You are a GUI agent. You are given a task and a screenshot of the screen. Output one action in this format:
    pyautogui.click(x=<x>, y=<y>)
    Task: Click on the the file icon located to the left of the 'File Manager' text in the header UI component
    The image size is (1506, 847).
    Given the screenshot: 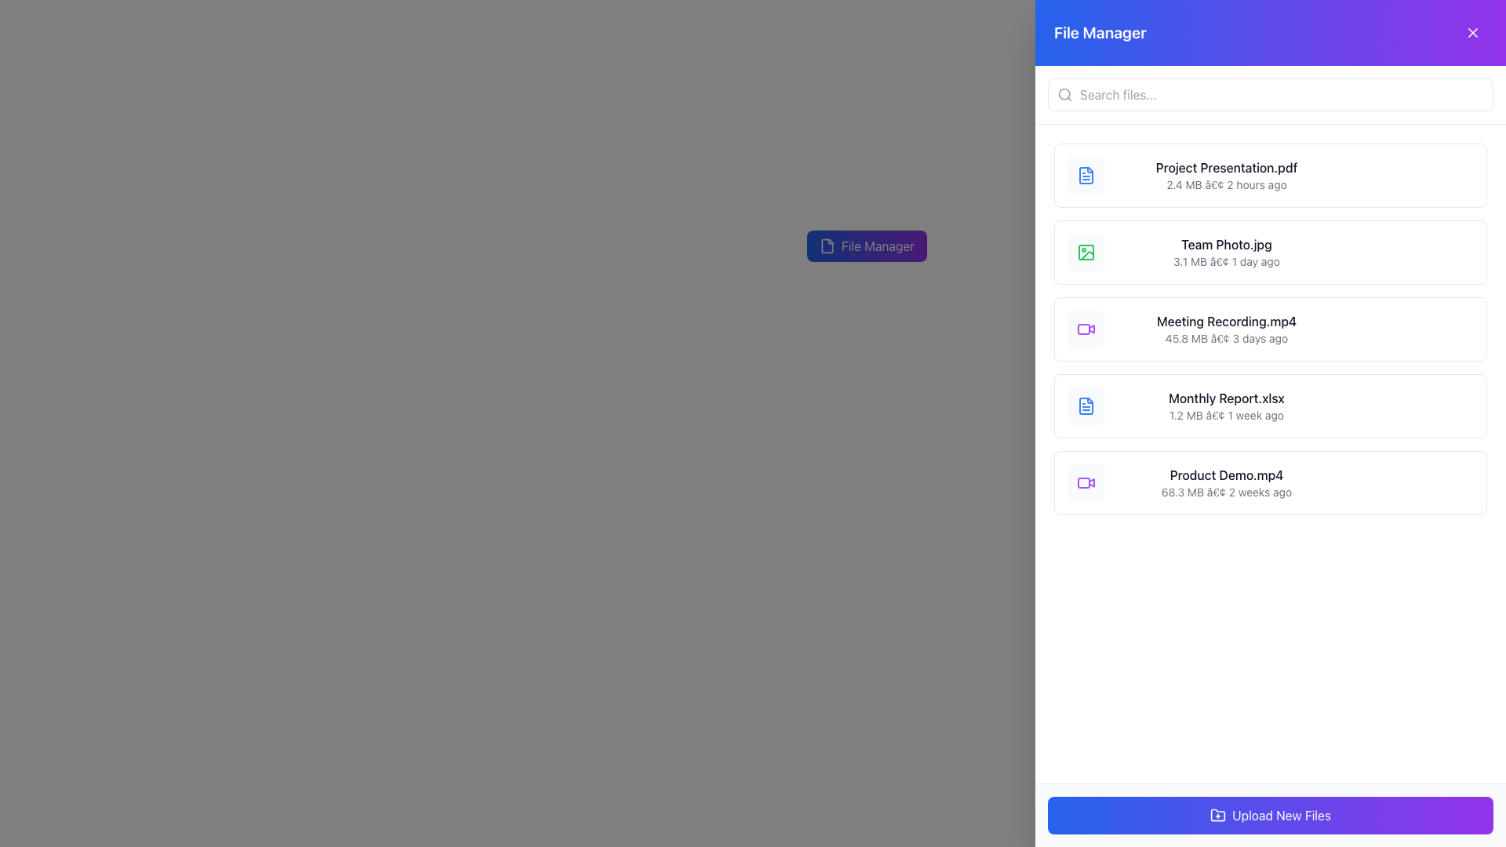 What is the action you would take?
    pyautogui.click(x=827, y=245)
    